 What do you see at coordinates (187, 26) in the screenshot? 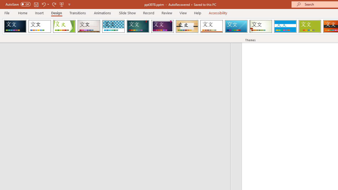
I see `'Organic'` at bounding box center [187, 26].